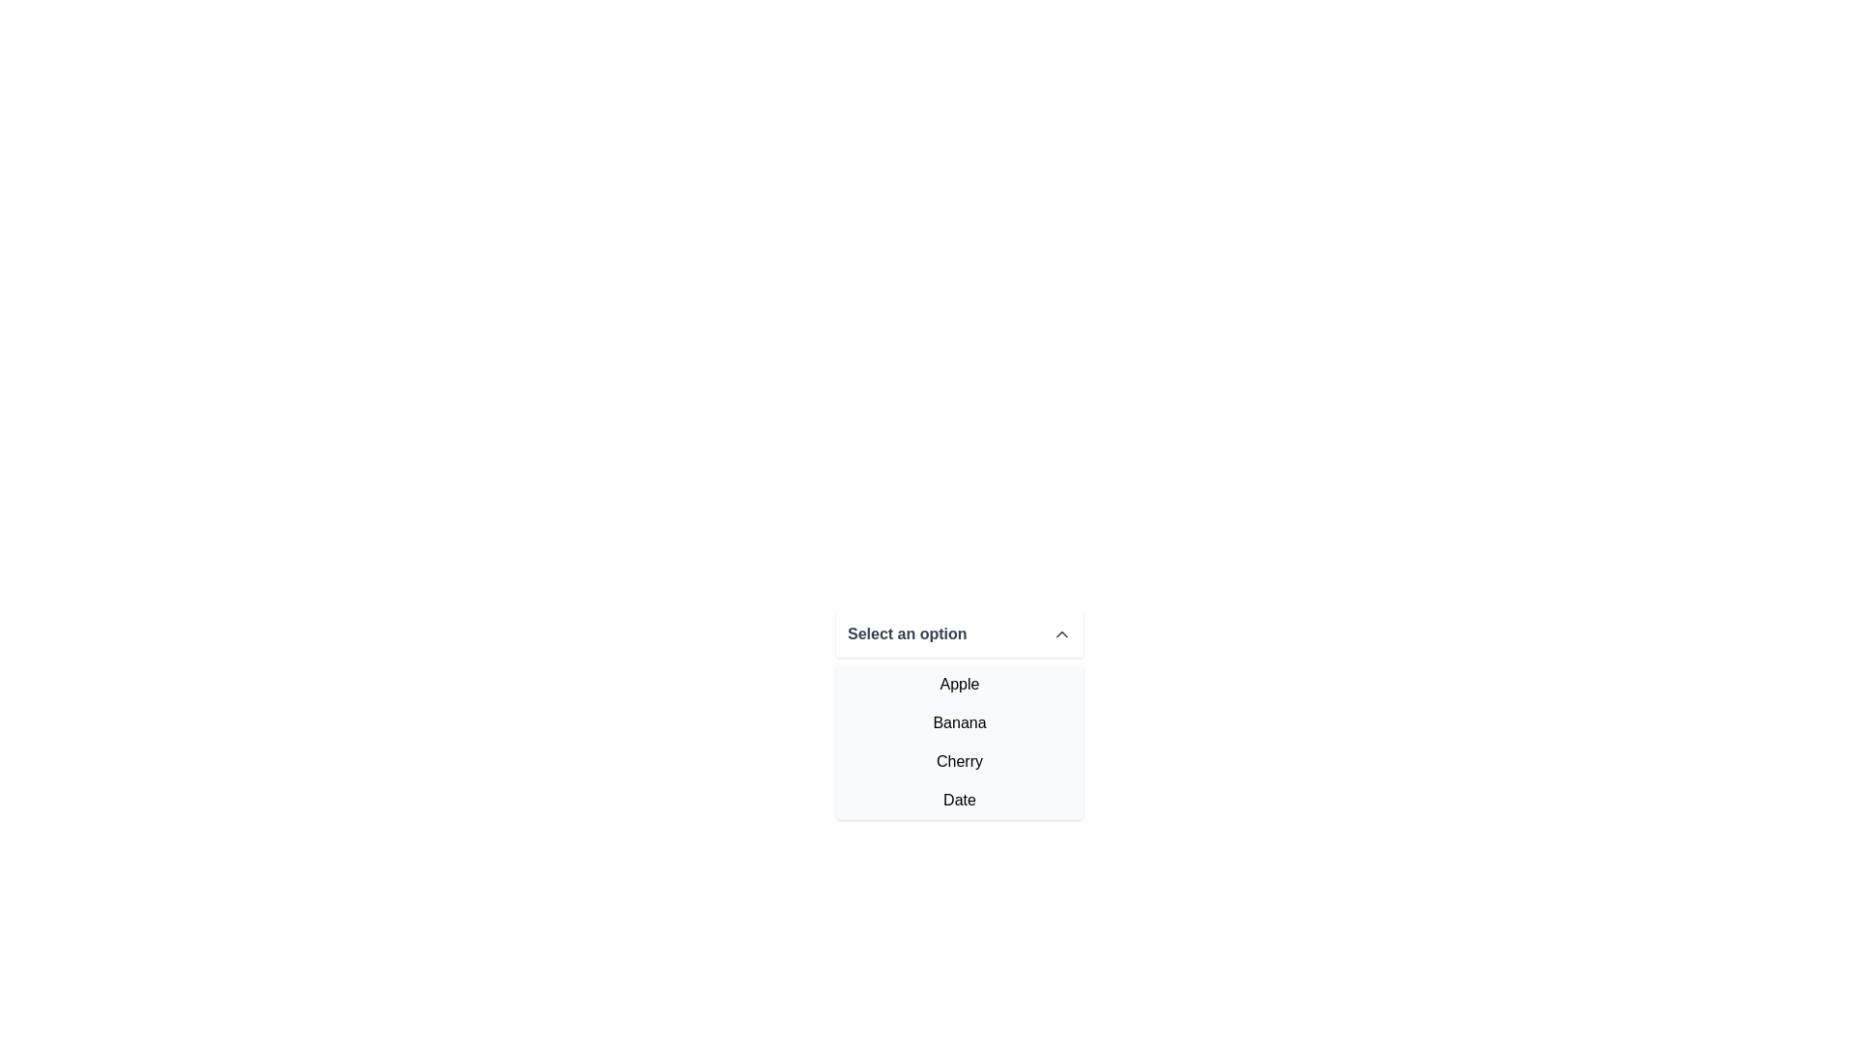 The width and height of the screenshot is (1854, 1043). I want to click on the selectable list item displaying the word 'Banana', so click(959, 722).